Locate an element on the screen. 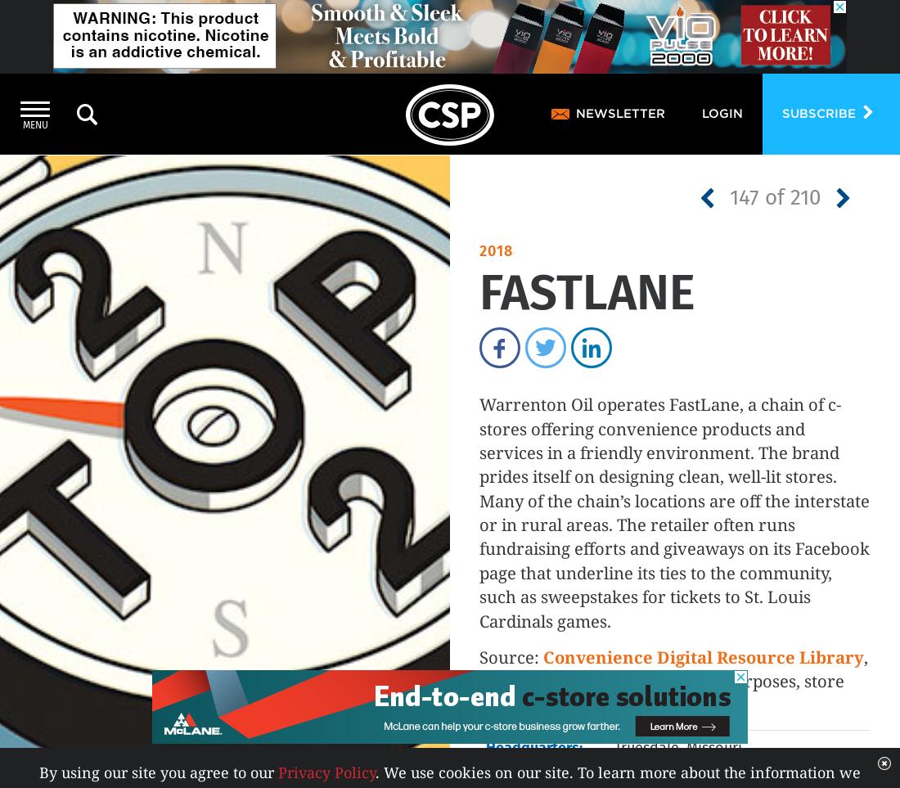  'Source:' is located at coordinates (511, 656).